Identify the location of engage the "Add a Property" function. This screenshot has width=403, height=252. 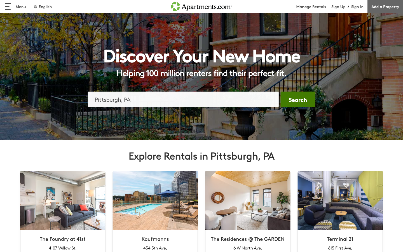
(385, 6).